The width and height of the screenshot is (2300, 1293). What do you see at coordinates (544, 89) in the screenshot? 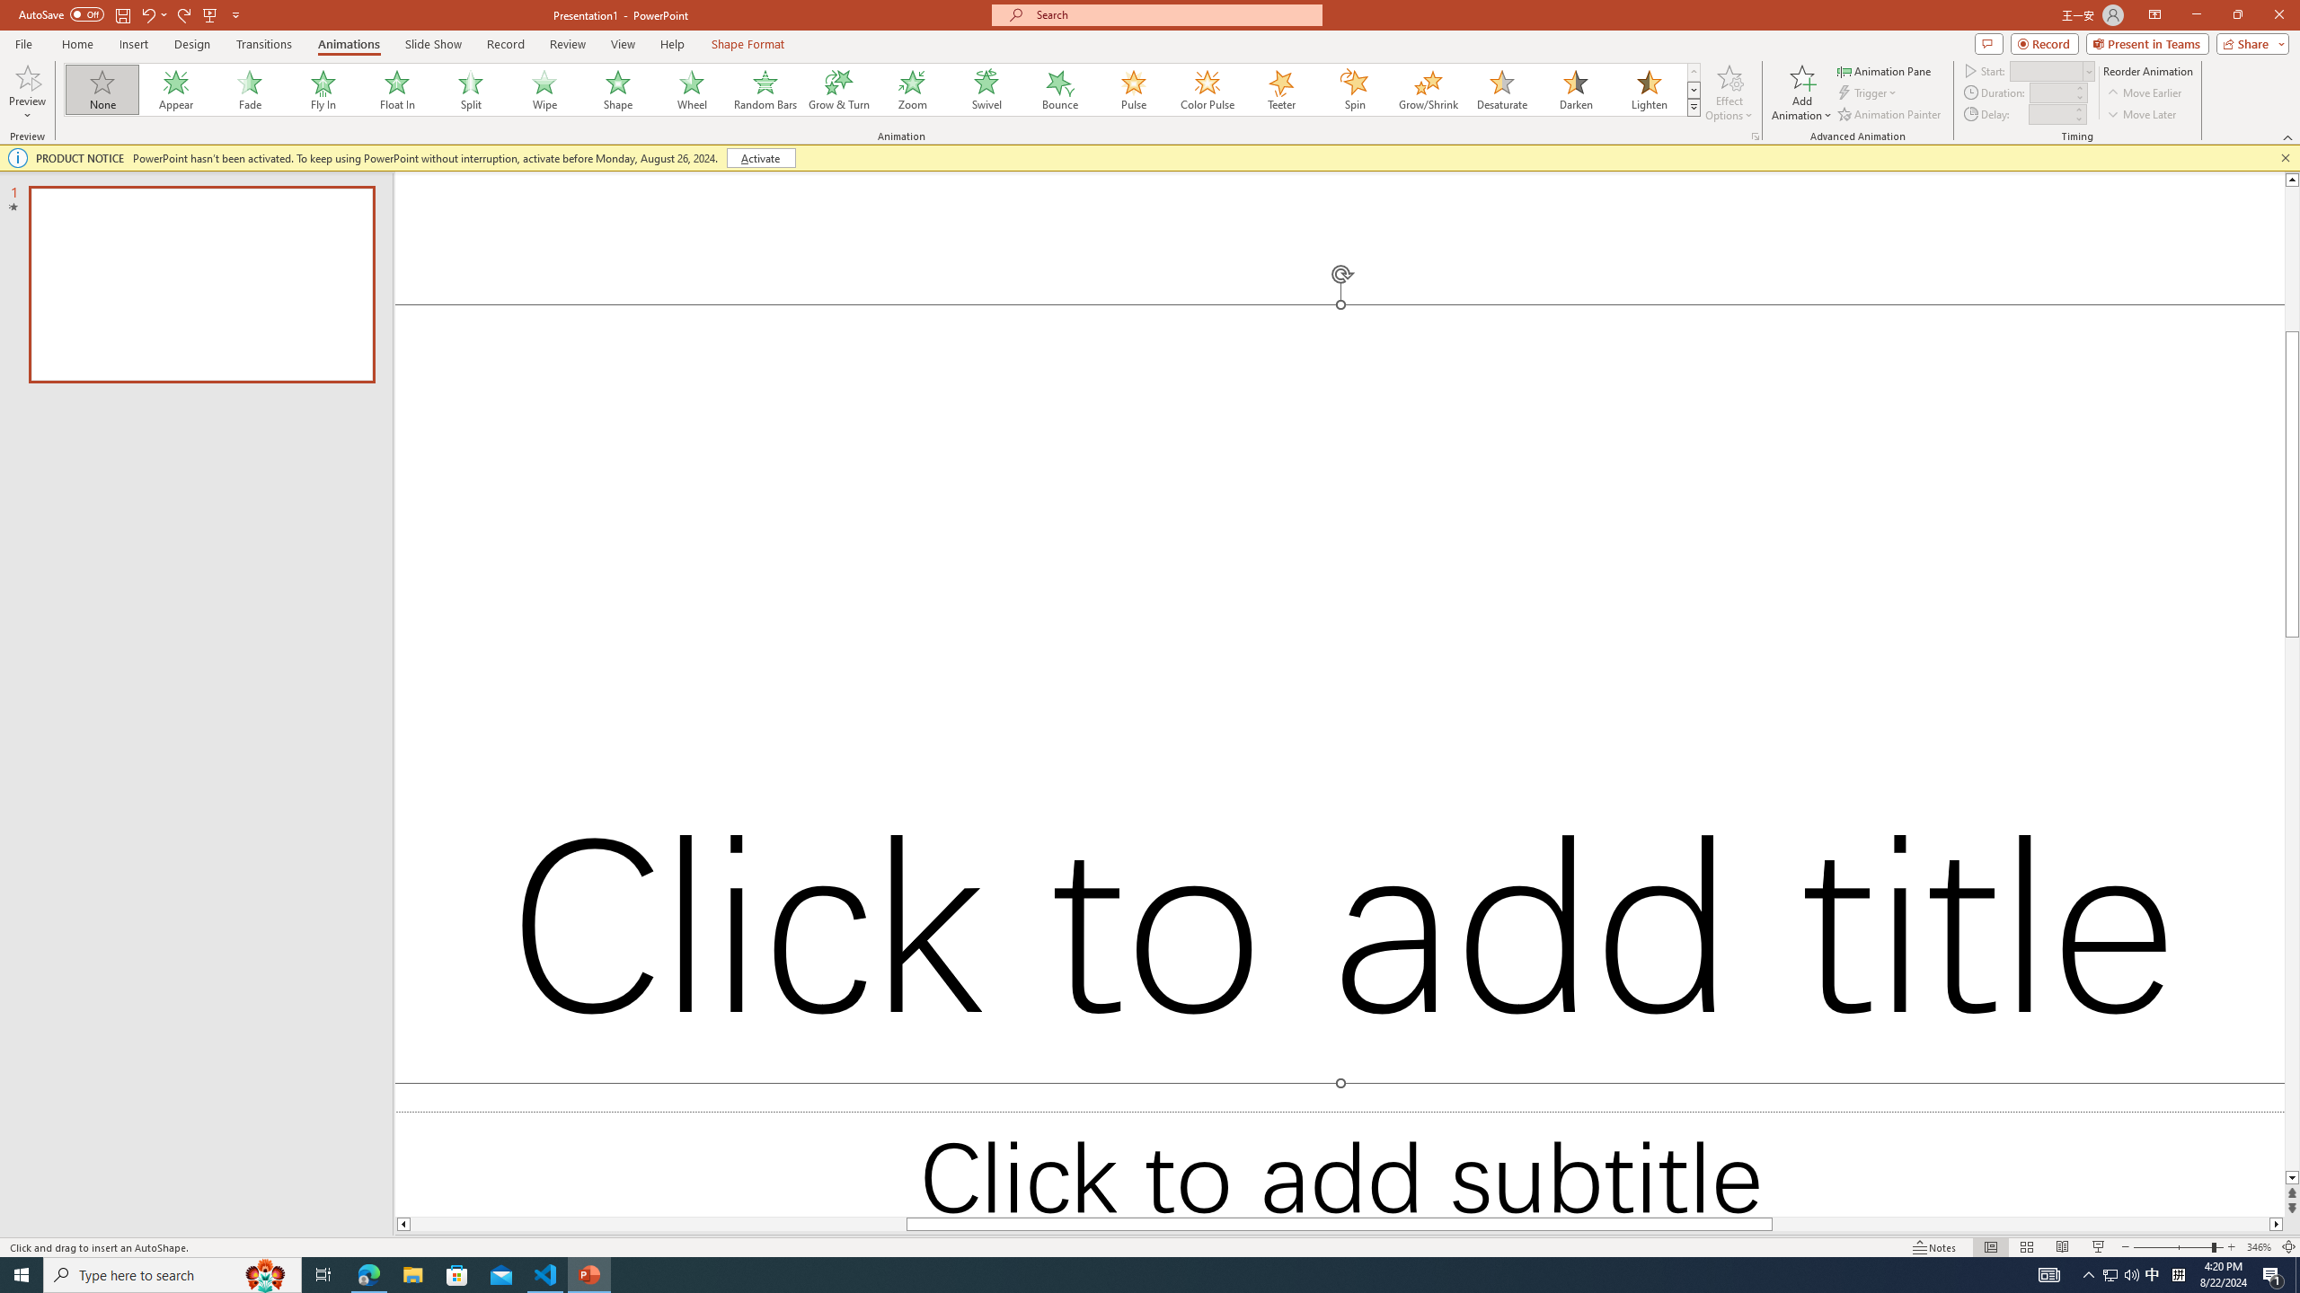
I see `'Wipe'` at bounding box center [544, 89].